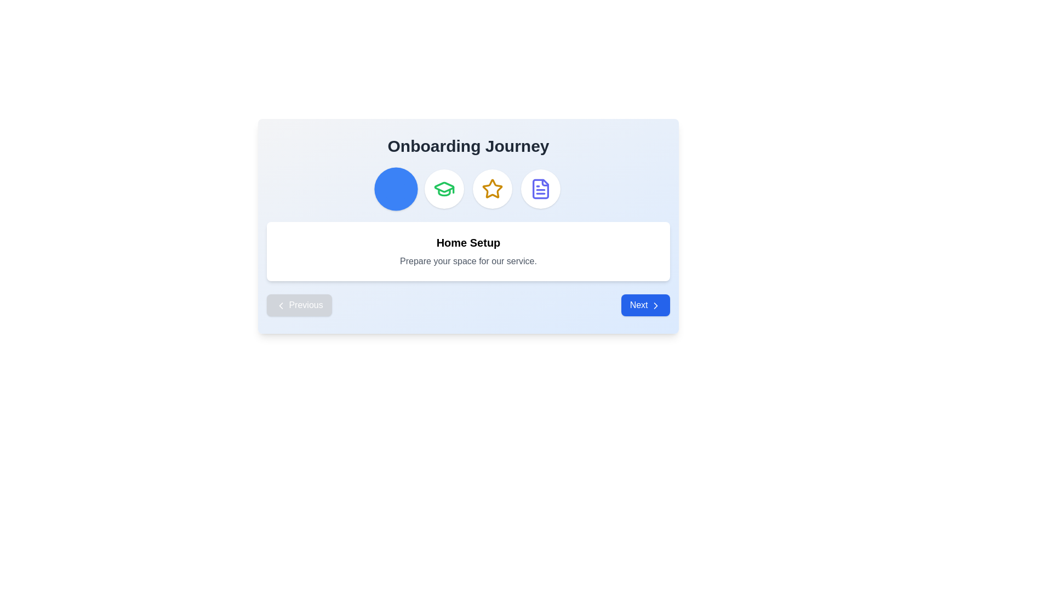 This screenshot has height=592, width=1052. What do you see at coordinates (444, 186) in the screenshot?
I see `the graduation cap icon within the circular button in the onboarding interface's upper card section` at bounding box center [444, 186].